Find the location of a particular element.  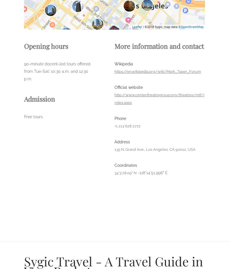

'-118°14'51.996" E' is located at coordinates (152, 173).